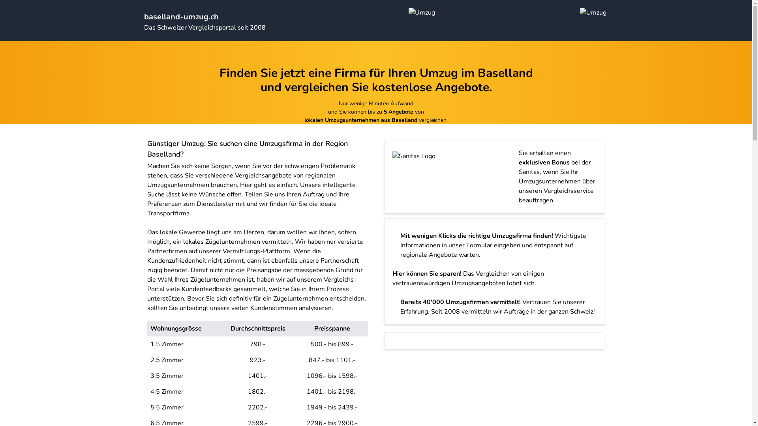 This screenshot has width=758, height=426. Describe the element at coordinates (180, 17) in the screenshot. I see `'baselland-umzug.ch'` at that location.